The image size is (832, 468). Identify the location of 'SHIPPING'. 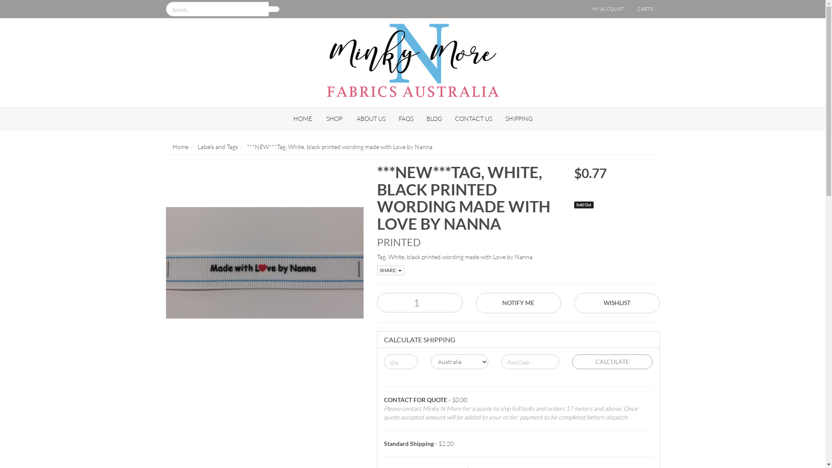
(518, 118).